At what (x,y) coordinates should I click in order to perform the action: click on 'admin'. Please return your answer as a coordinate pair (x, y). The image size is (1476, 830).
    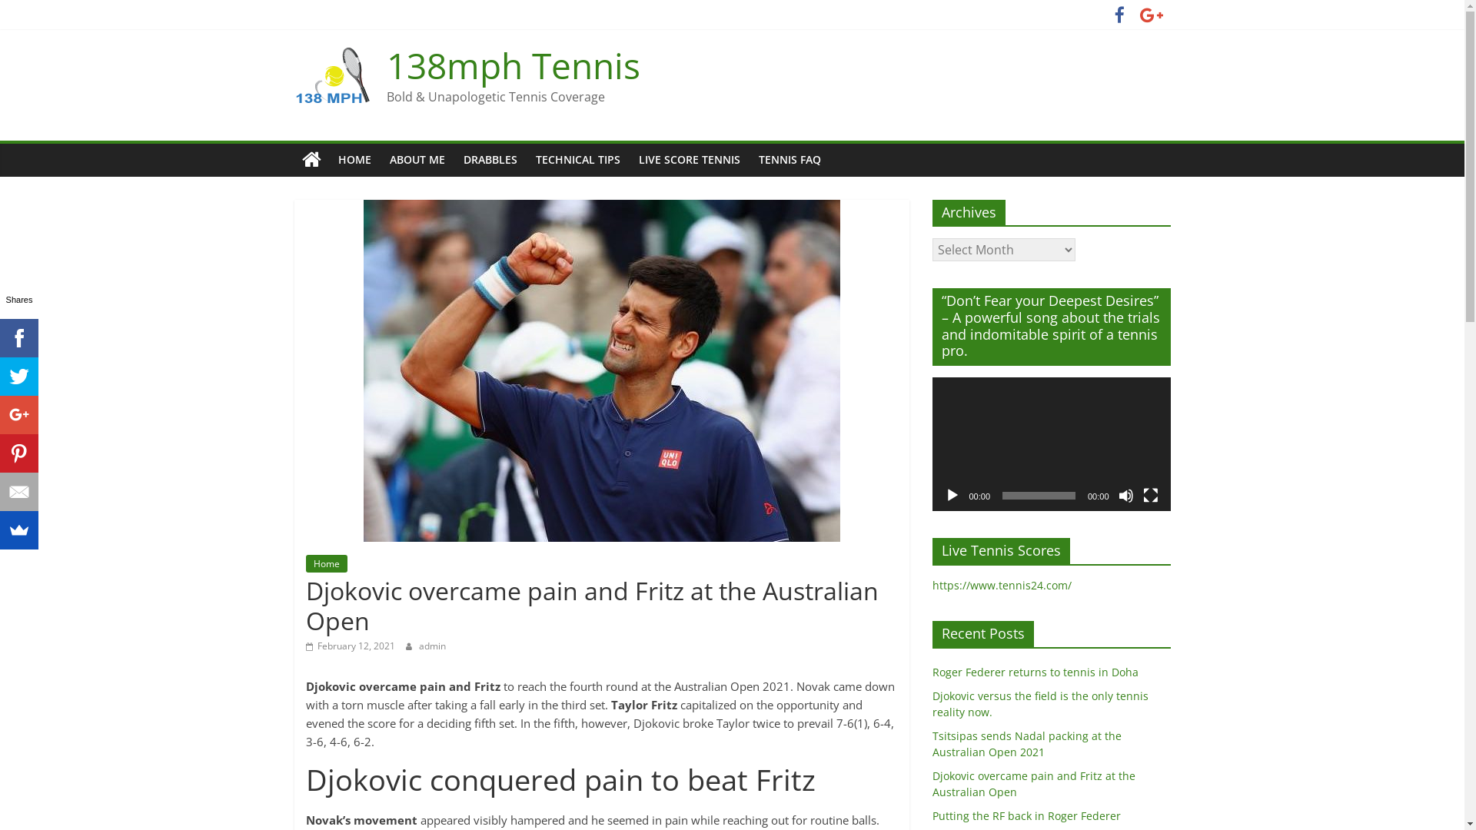
    Looking at the image, I should click on (430, 646).